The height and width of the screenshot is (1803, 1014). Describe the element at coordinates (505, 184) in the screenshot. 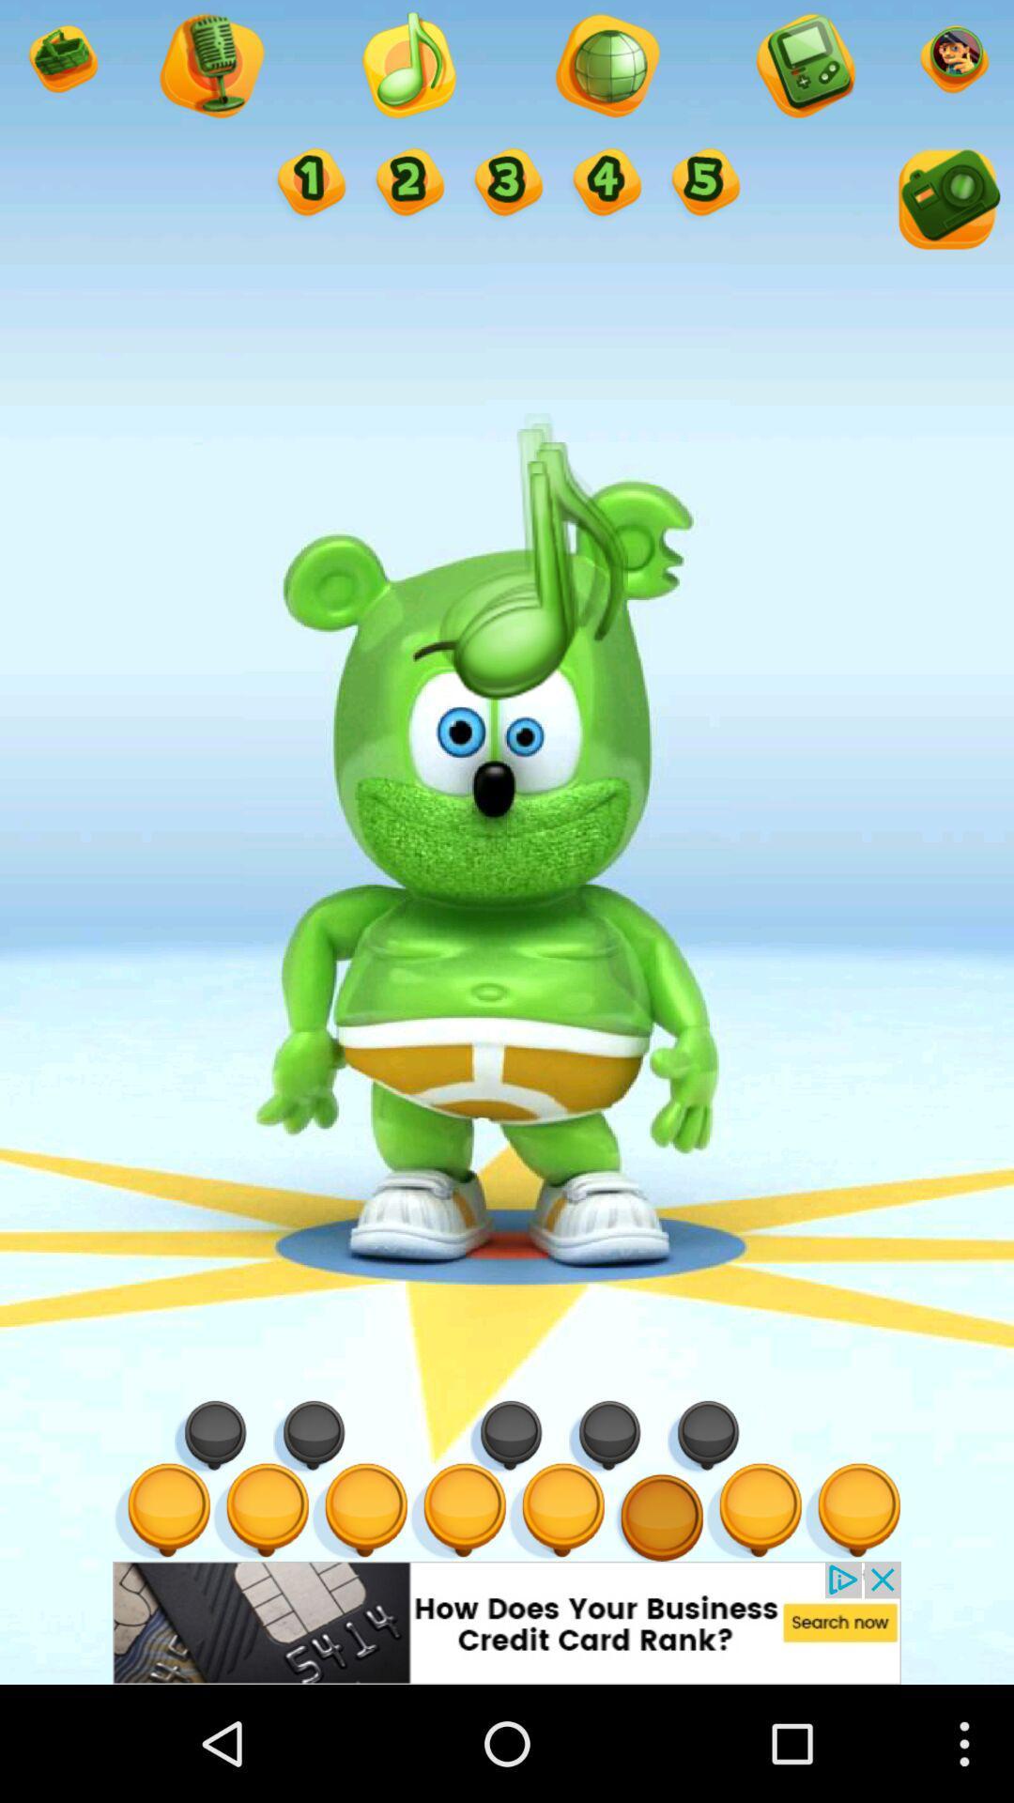

I see `3 option` at that location.